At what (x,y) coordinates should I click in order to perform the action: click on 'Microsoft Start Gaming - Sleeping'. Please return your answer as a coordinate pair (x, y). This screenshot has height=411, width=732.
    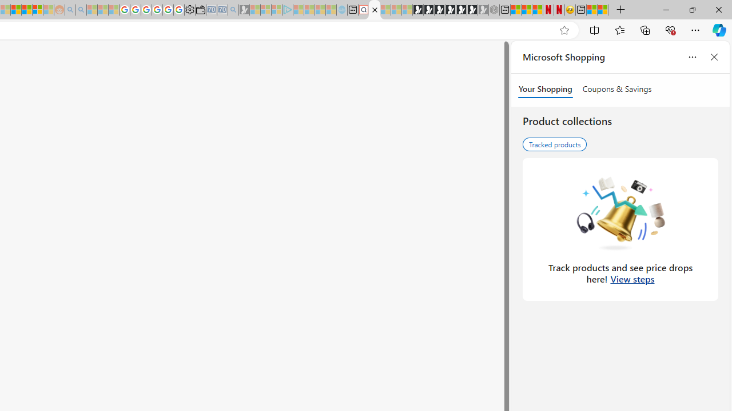
    Looking at the image, I should click on (244, 10).